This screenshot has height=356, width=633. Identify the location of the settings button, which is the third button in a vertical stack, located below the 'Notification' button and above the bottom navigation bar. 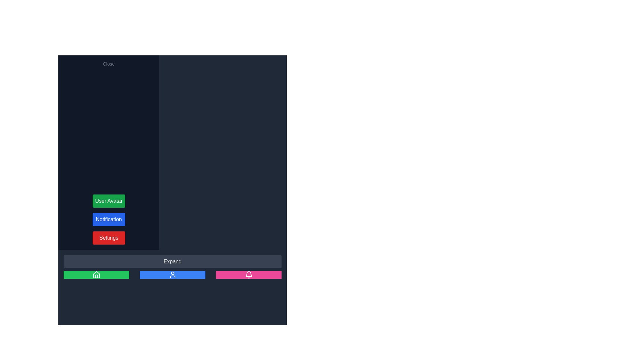
(109, 238).